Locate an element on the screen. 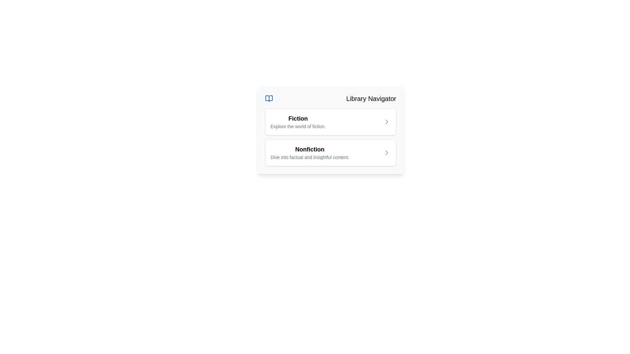  the Text block with header and description in the 'Library Navigator' interface is located at coordinates (298, 122).